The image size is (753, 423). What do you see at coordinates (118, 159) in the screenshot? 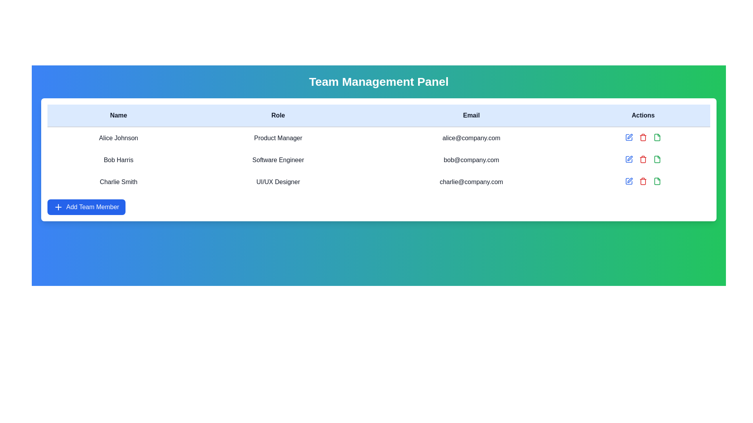
I see `text from the label displaying the name 'Bob Harris', which is located in the first column under the 'Name' header of the table structure` at bounding box center [118, 159].